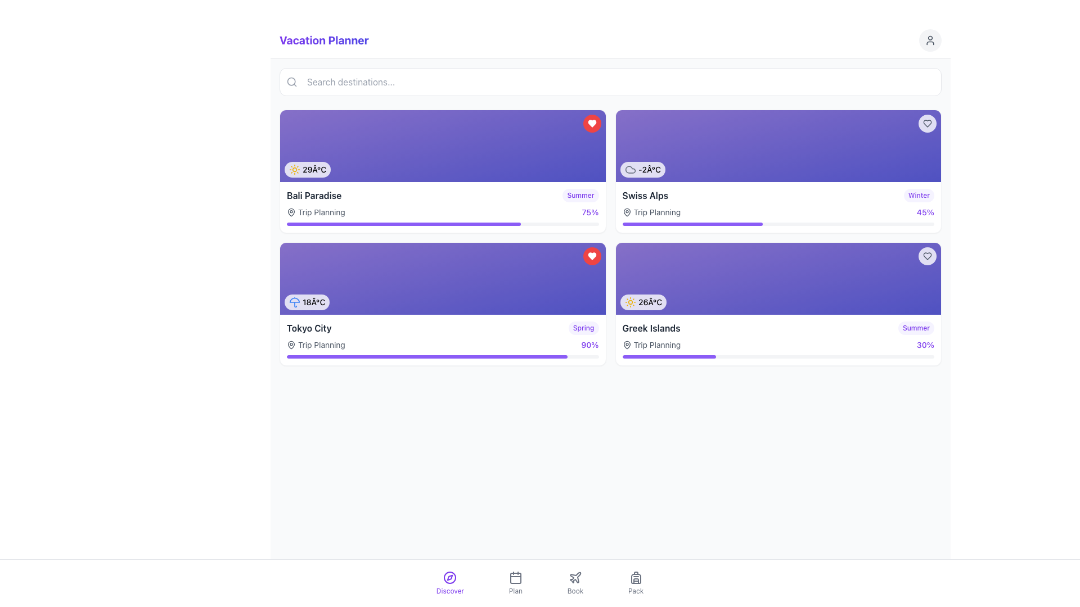 Image resolution: width=1080 pixels, height=607 pixels. I want to click on the title text label 'Vacation Planner' which is styled with a bold font and a vivid gradient color, located at the top left section of the interface, so click(323, 40).